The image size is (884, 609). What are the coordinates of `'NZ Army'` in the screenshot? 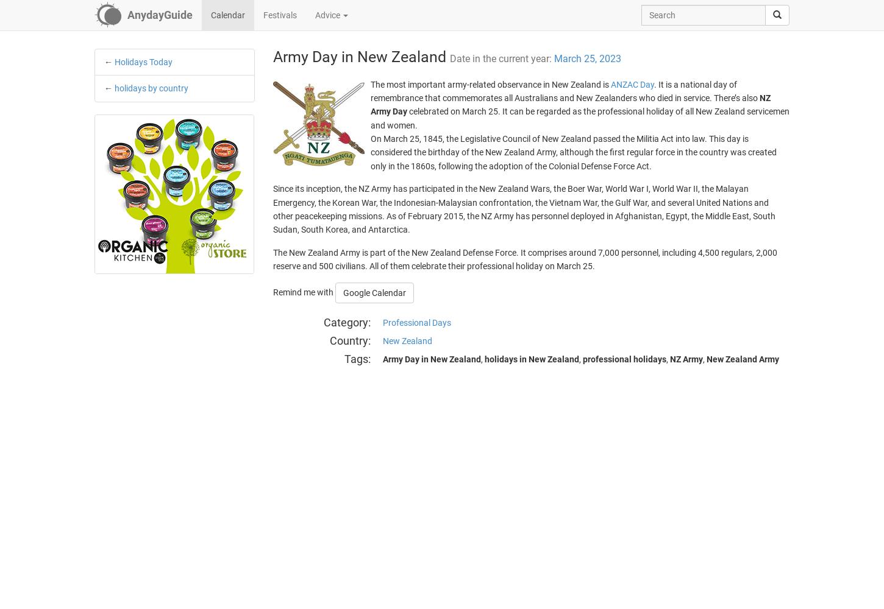 It's located at (685, 358).